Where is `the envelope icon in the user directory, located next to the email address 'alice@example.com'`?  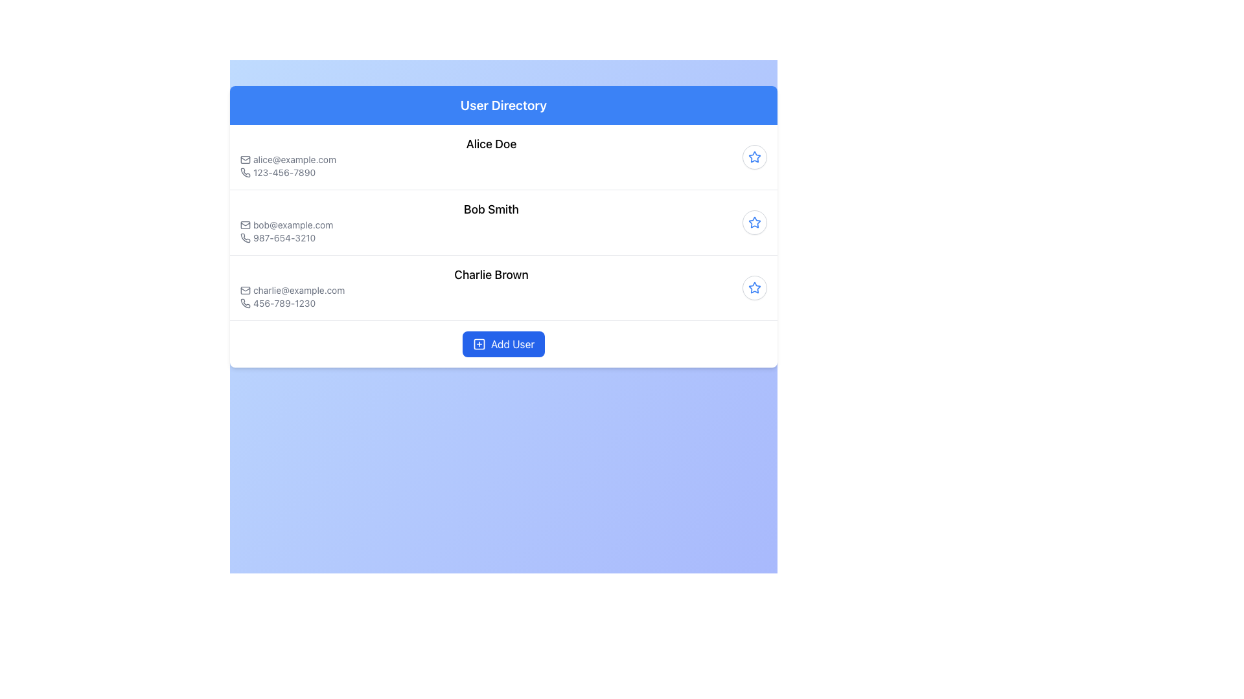
the envelope icon in the user directory, located next to the email address 'alice@example.com' is located at coordinates (246, 159).